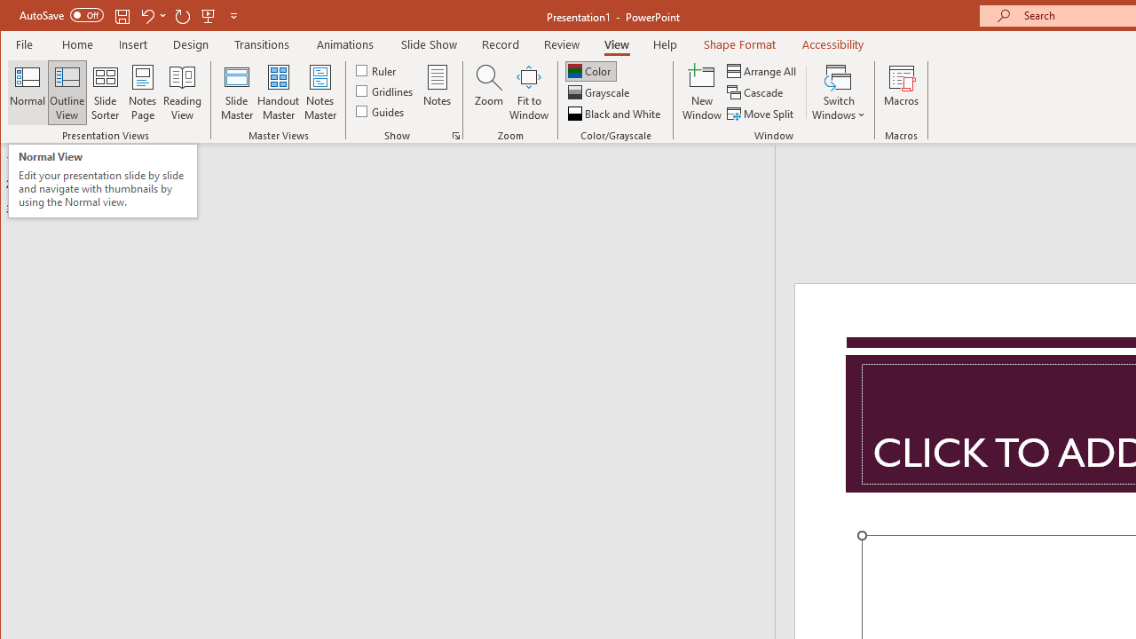 This screenshot has height=639, width=1136. Describe the element at coordinates (385, 91) in the screenshot. I see `'Gridlines'` at that location.